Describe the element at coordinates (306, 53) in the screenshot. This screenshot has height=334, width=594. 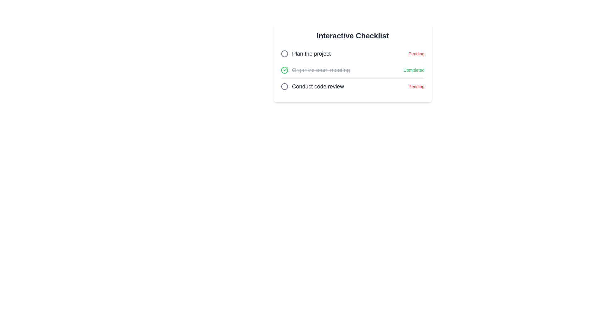
I see `the 'Plan the project' checkbox in the interactive checklist, which is the first item in the list` at that location.